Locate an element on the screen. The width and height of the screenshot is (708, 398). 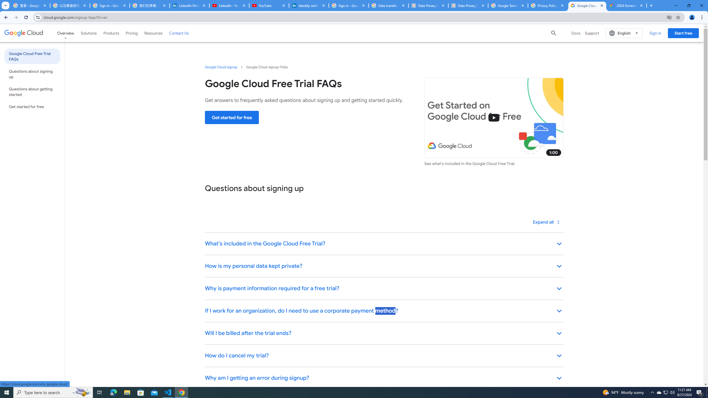
'Support' is located at coordinates (592, 33).